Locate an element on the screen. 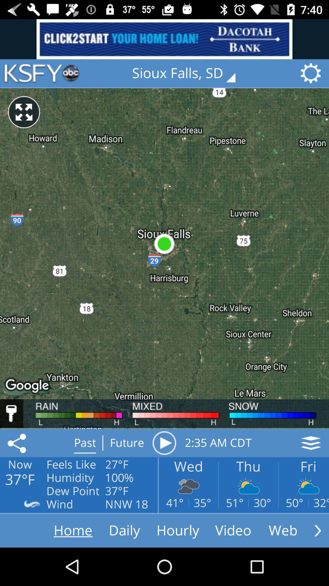  the share icon is located at coordinates (18, 443).